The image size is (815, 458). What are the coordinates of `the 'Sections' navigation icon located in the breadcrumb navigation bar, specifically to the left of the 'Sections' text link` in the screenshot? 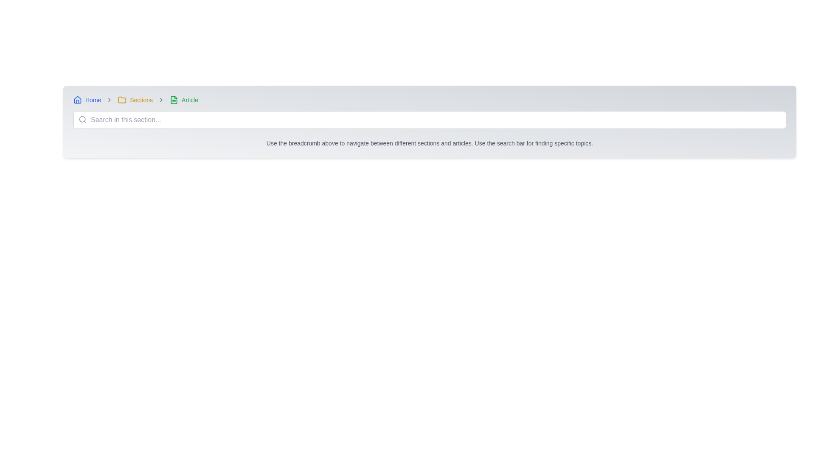 It's located at (122, 99).